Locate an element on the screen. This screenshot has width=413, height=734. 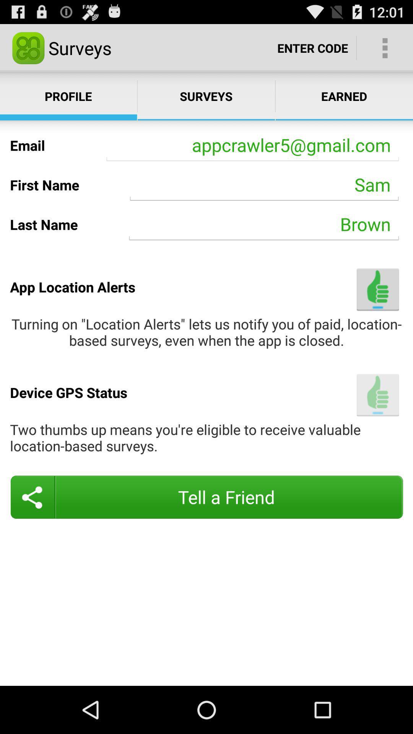
the item to the right of the email icon is located at coordinates (252, 145).